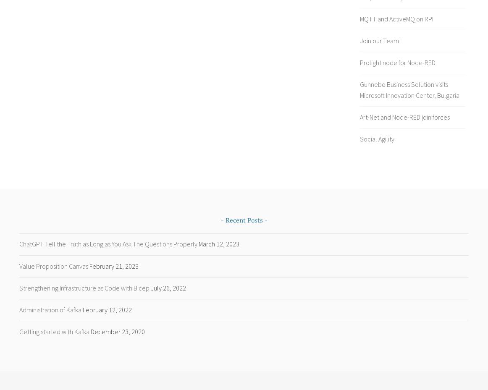 The width and height of the screenshot is (488, 390). What do you see at coordinates (359, 116) in the screenshot?
I see `'Art-Net and Node-RED join forces'` at bounding box center [359, 116].